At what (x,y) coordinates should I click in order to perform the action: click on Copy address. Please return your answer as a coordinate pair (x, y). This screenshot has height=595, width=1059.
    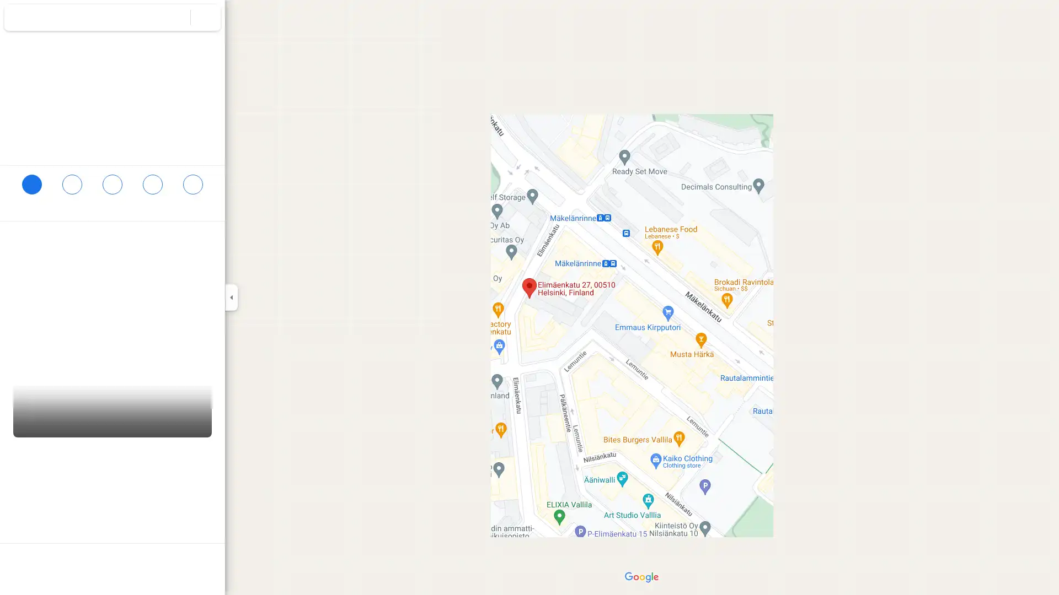
    Looking at the image, I should click on (204, 241).